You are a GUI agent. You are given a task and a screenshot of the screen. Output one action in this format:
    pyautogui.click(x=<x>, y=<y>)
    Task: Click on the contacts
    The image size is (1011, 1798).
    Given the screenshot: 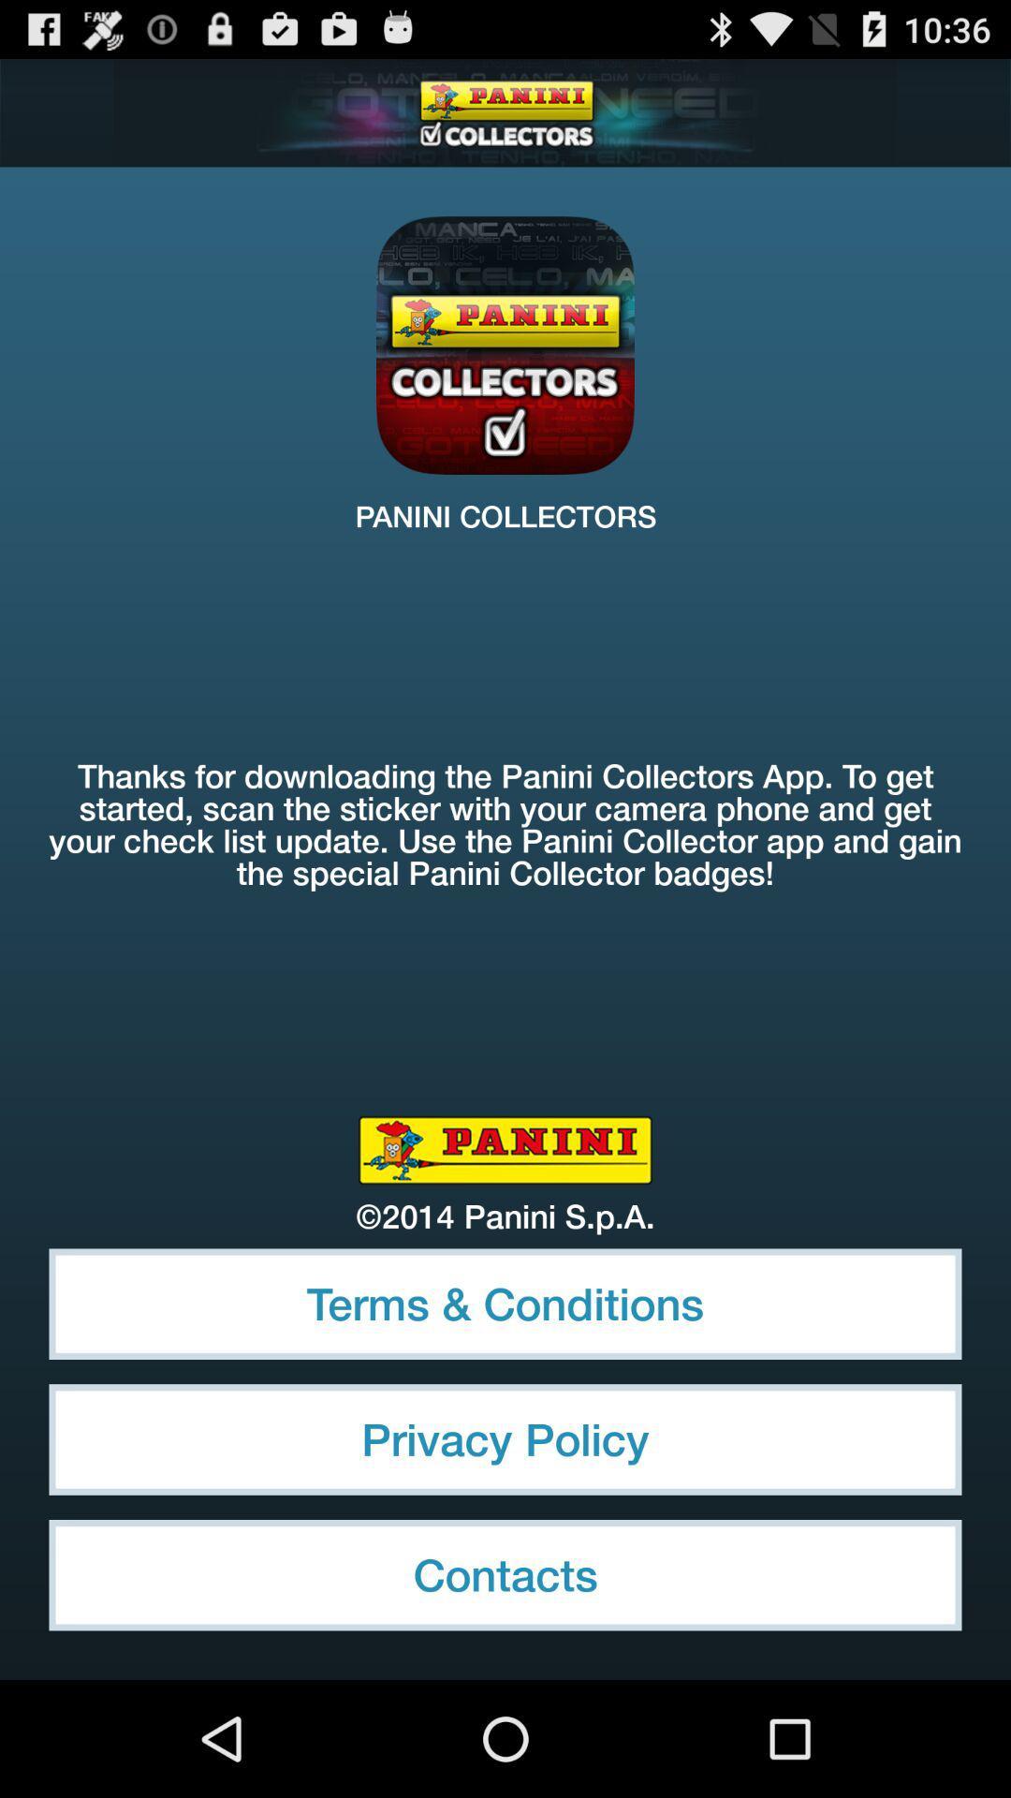 What is the action you would take?
    pyautogui.click(x=505, y=1574)
    